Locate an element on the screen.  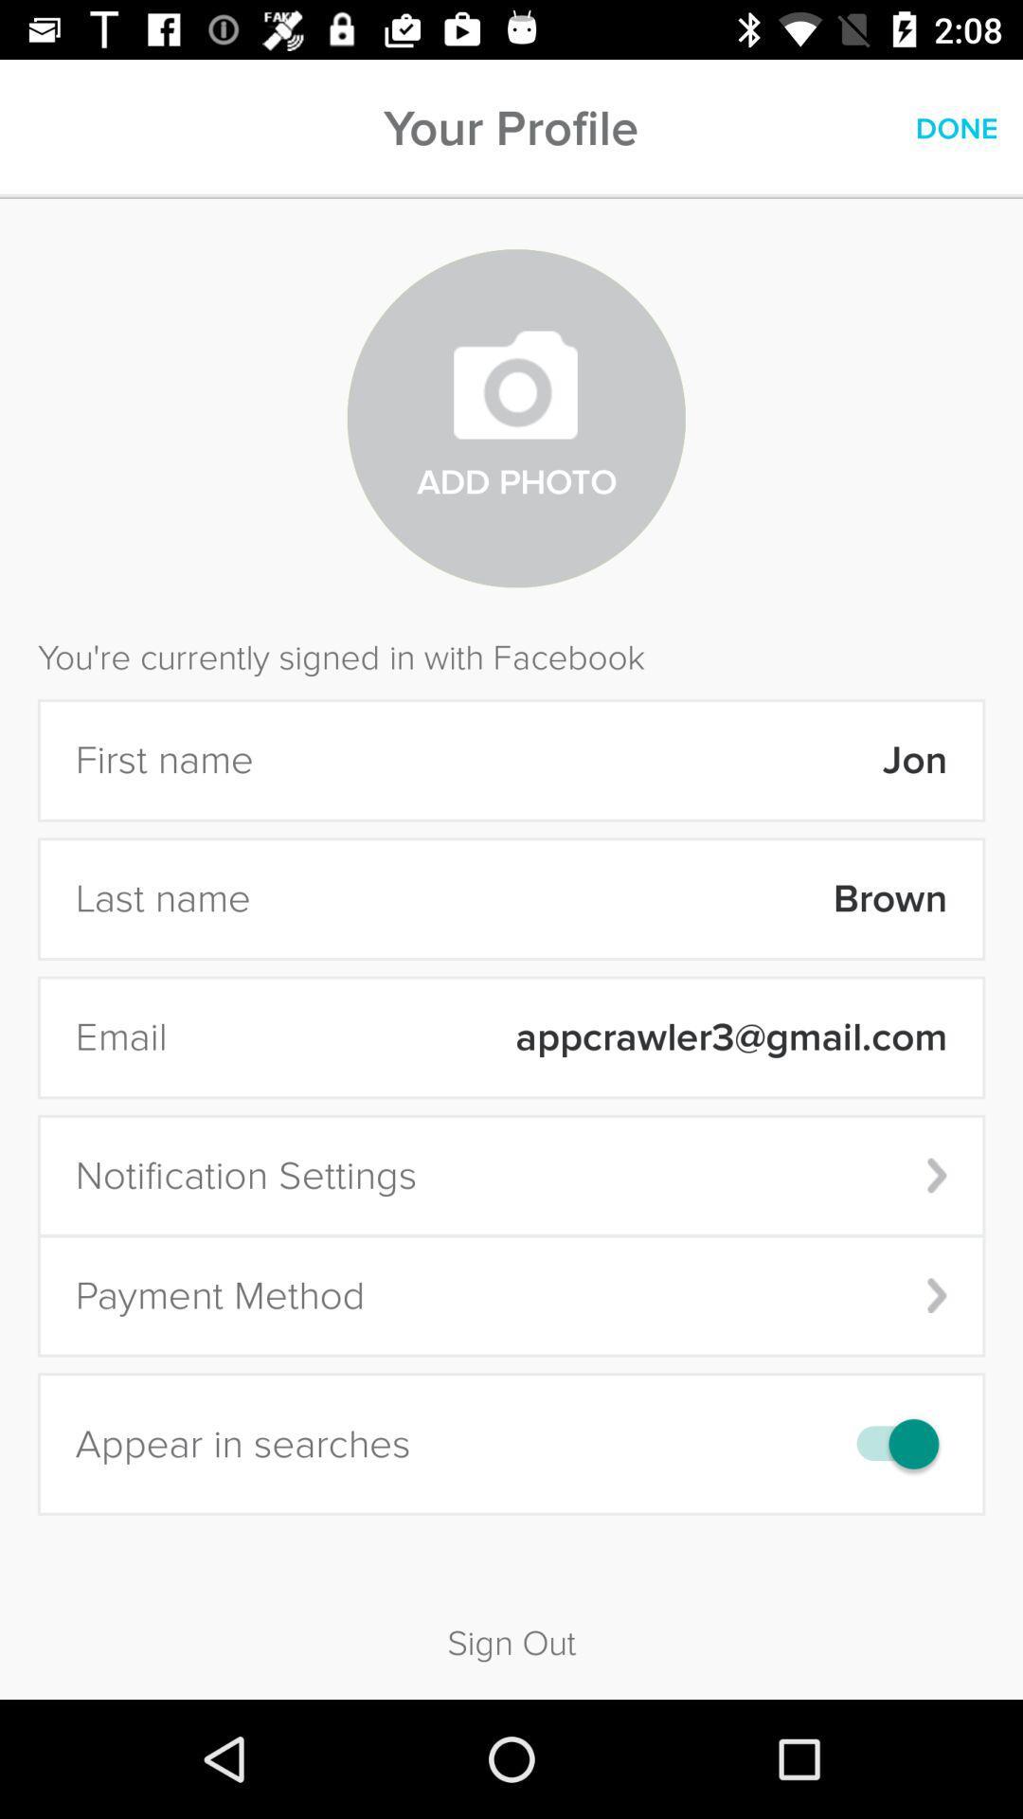
item to the right of the first name icon is located at coordinates (613, 760).